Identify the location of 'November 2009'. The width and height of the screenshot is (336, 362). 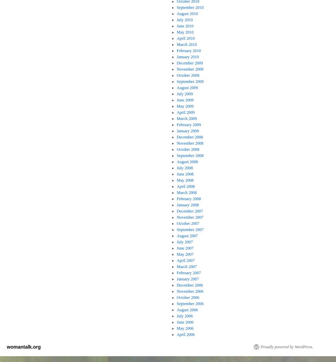
(190, 68).